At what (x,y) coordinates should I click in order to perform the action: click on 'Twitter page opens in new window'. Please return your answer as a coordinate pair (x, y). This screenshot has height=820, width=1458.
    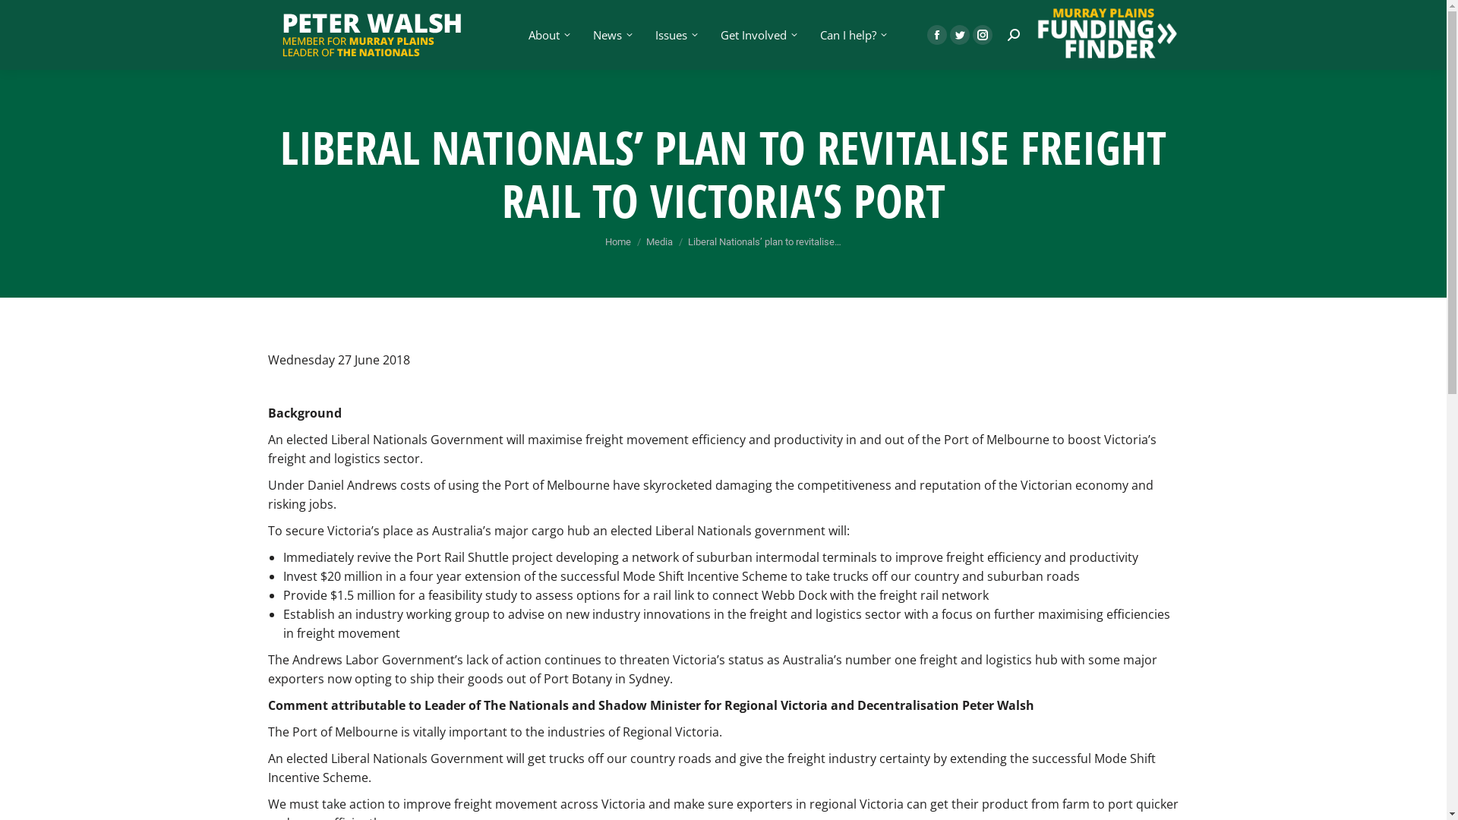
    Looking at the image, I should click on (958, 34).